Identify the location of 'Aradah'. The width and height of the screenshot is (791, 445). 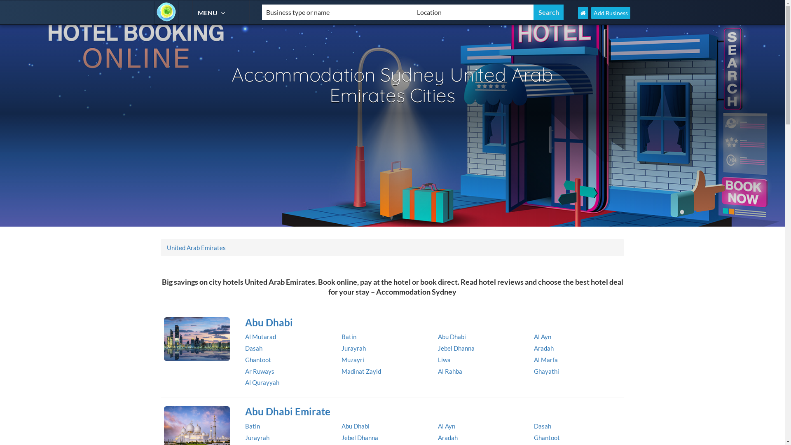
(447, 437).